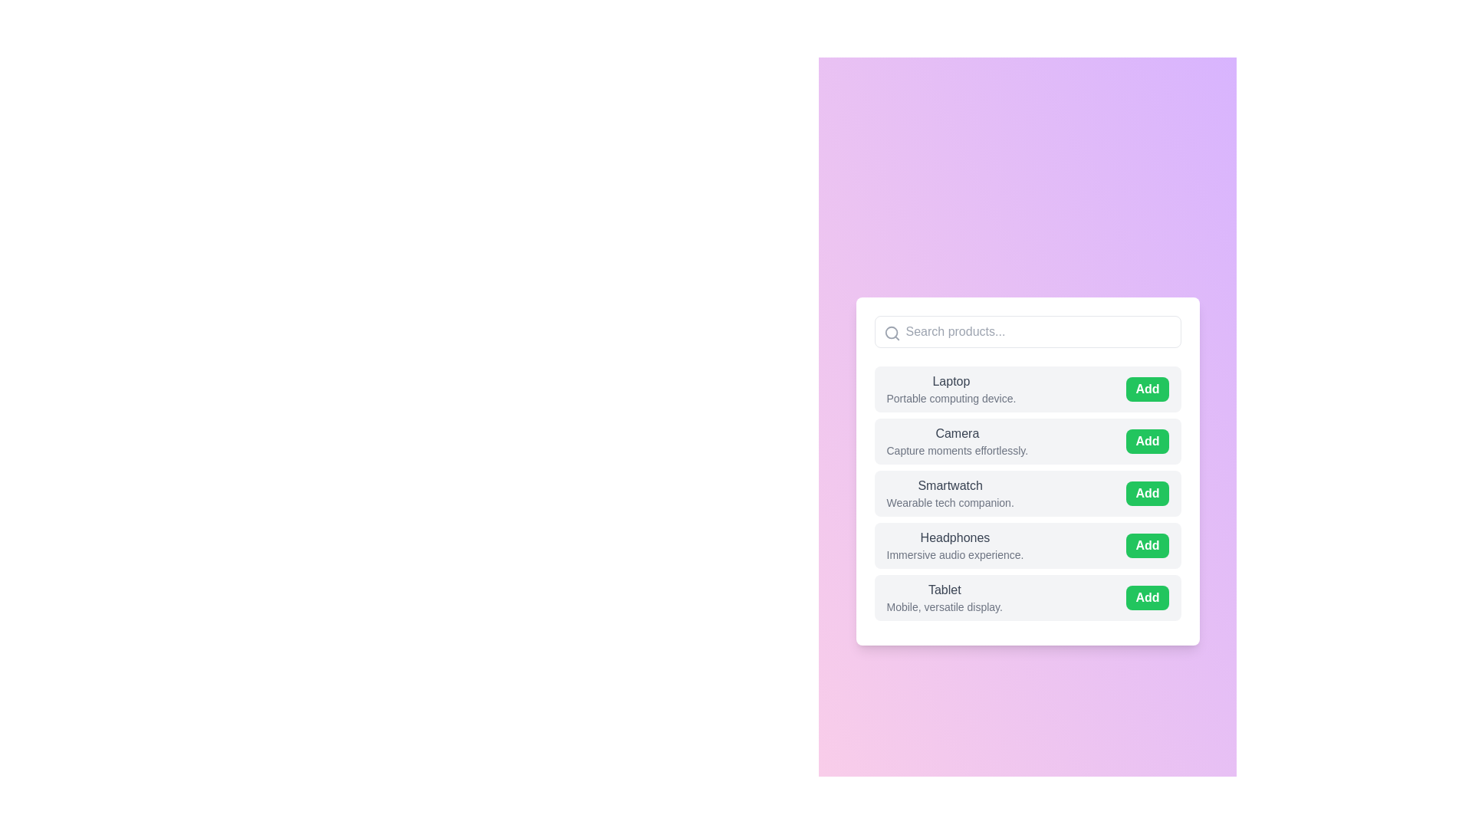 The height and width of the screenshot is (828, 1472). What do you see at coordinates (955, 545) in the screenshot?
I see `the text display element containing the title 'Headphones' and subtitle 'Immersive audio experience.', which is the fourth item in a vertical list of product descriptions` at bounding box center [955, 545].